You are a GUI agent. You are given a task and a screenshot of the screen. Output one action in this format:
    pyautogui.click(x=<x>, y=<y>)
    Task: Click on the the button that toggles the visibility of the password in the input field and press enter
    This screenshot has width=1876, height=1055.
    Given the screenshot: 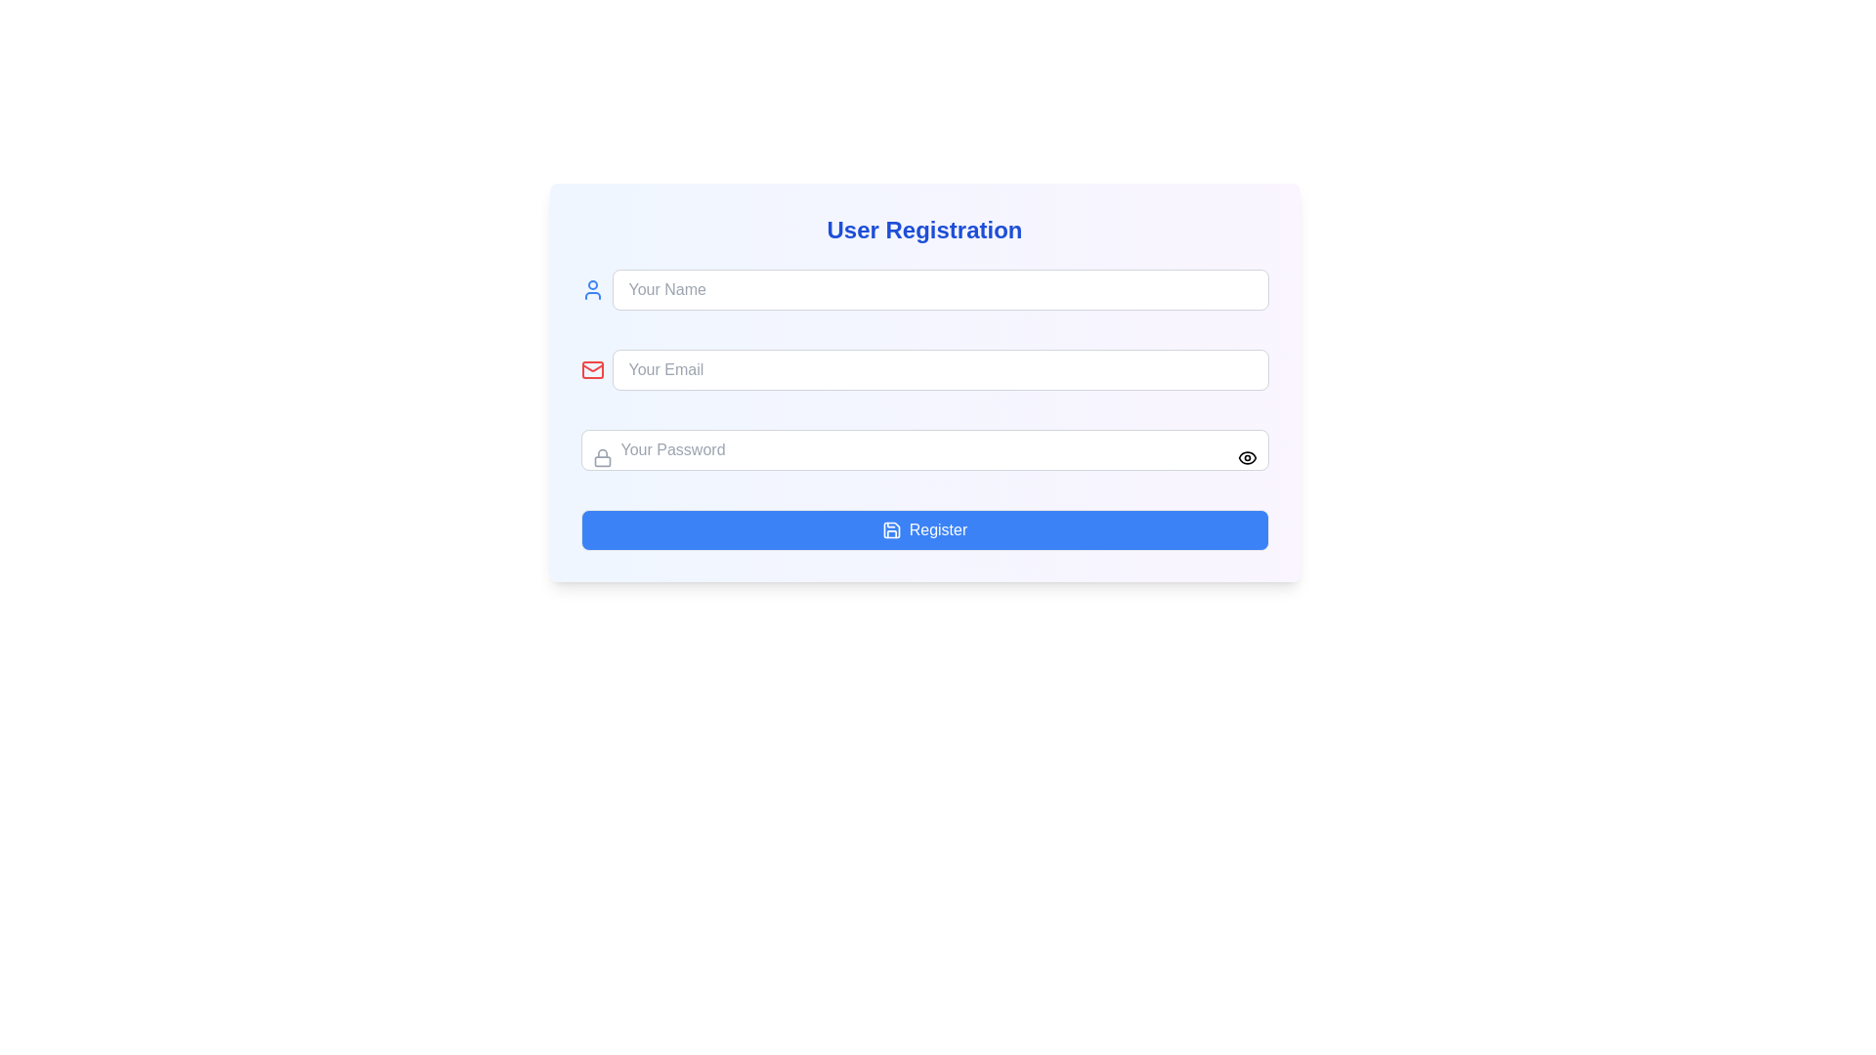 What is the action you would take?
    pyautogui.click(x=1246, y=458)
    